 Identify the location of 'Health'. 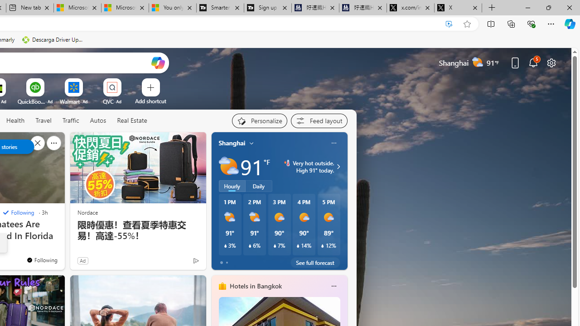
(15, 120).